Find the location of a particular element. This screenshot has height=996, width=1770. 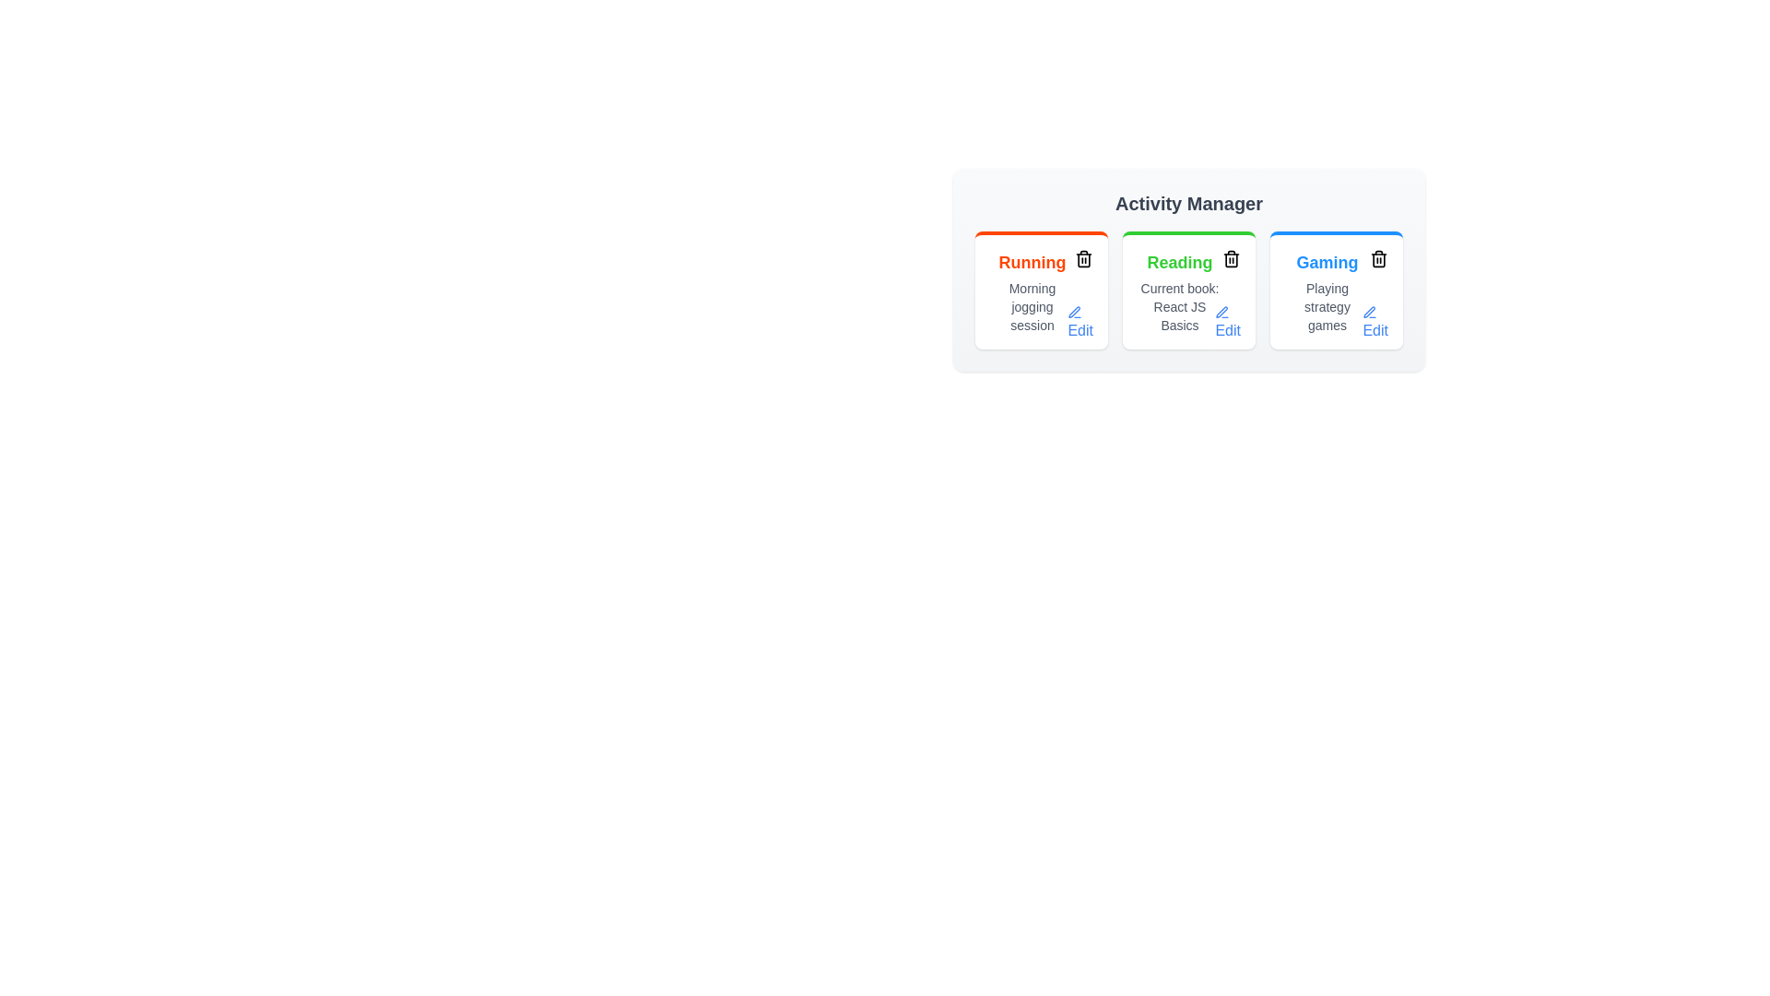

the 'Edit' button for the activity Running is located at coordinates (1080, 323).